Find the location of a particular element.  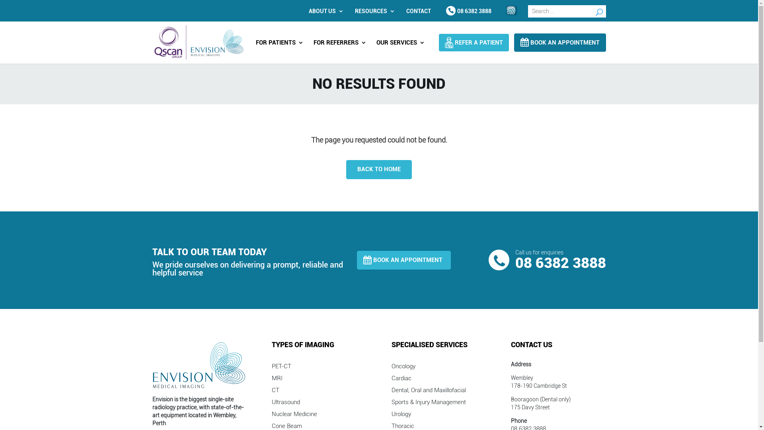

'OUR SERVICES' is located at coordinates (401, 45).